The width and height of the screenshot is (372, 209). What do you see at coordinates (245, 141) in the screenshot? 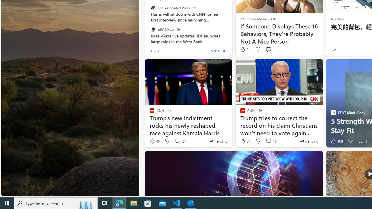
I see `'31 Like'` at bounding box center [245, 141].